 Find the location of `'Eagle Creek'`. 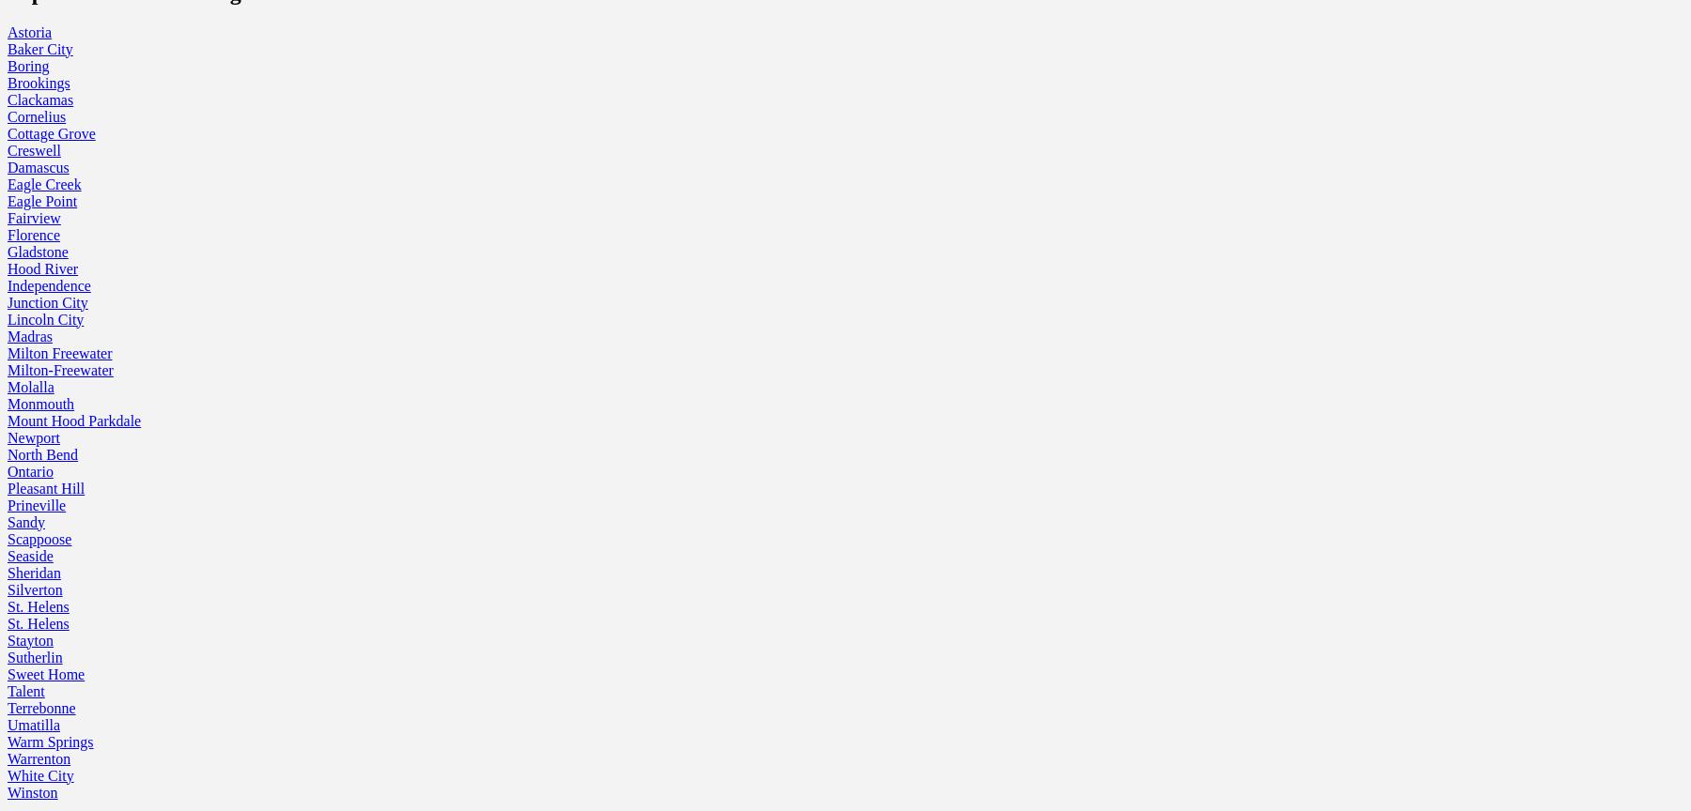

'Eagle Creek' is located at coordinates (42, 182).